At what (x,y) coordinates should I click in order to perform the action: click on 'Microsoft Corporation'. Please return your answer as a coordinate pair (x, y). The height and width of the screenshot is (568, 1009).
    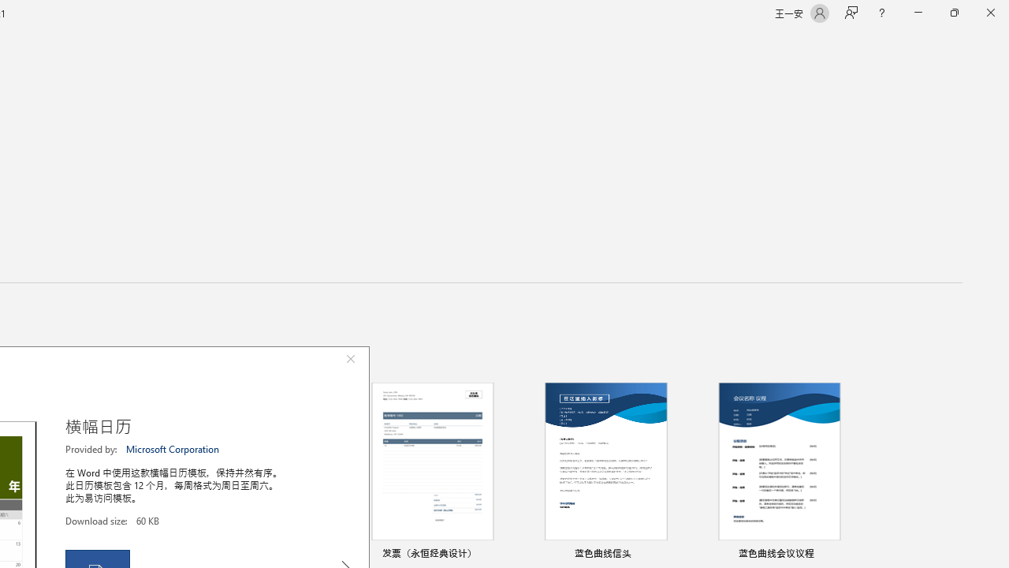
    Looking at the image, I should click on (173, 449).